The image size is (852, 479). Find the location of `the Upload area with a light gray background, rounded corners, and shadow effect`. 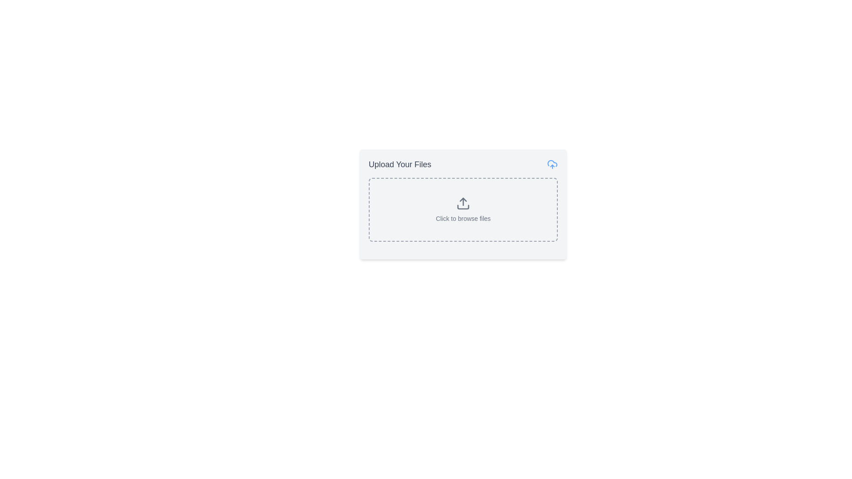

the Upload area with a light gray background, rounded corners, and shadow effect is located at coordinates (462, 204).